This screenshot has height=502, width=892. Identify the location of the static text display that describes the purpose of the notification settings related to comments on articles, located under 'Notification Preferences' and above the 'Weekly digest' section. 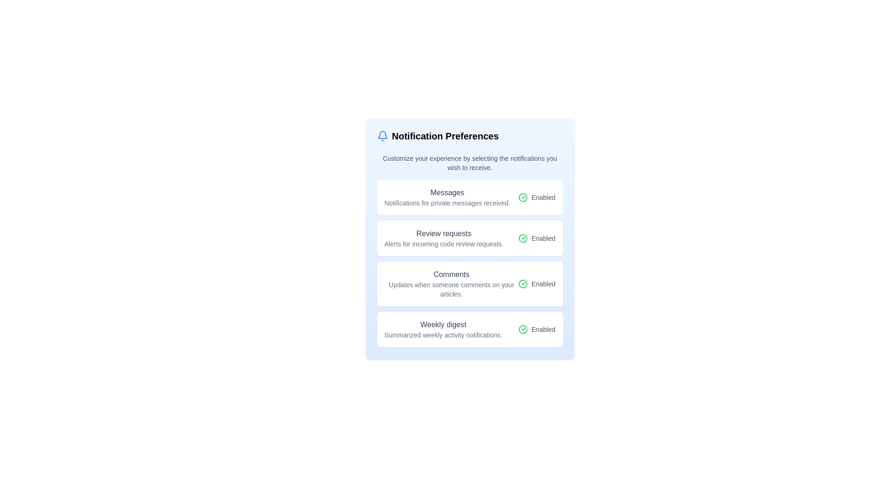
(451, 283).